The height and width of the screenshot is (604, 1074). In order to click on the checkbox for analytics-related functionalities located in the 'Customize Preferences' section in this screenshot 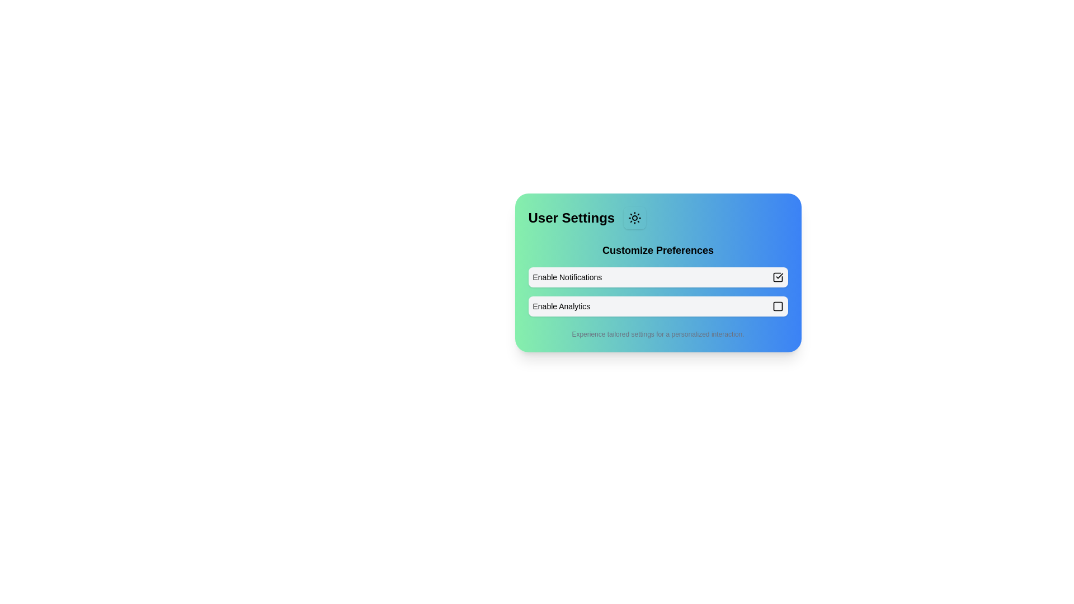, I will do `click(658, 306)`.